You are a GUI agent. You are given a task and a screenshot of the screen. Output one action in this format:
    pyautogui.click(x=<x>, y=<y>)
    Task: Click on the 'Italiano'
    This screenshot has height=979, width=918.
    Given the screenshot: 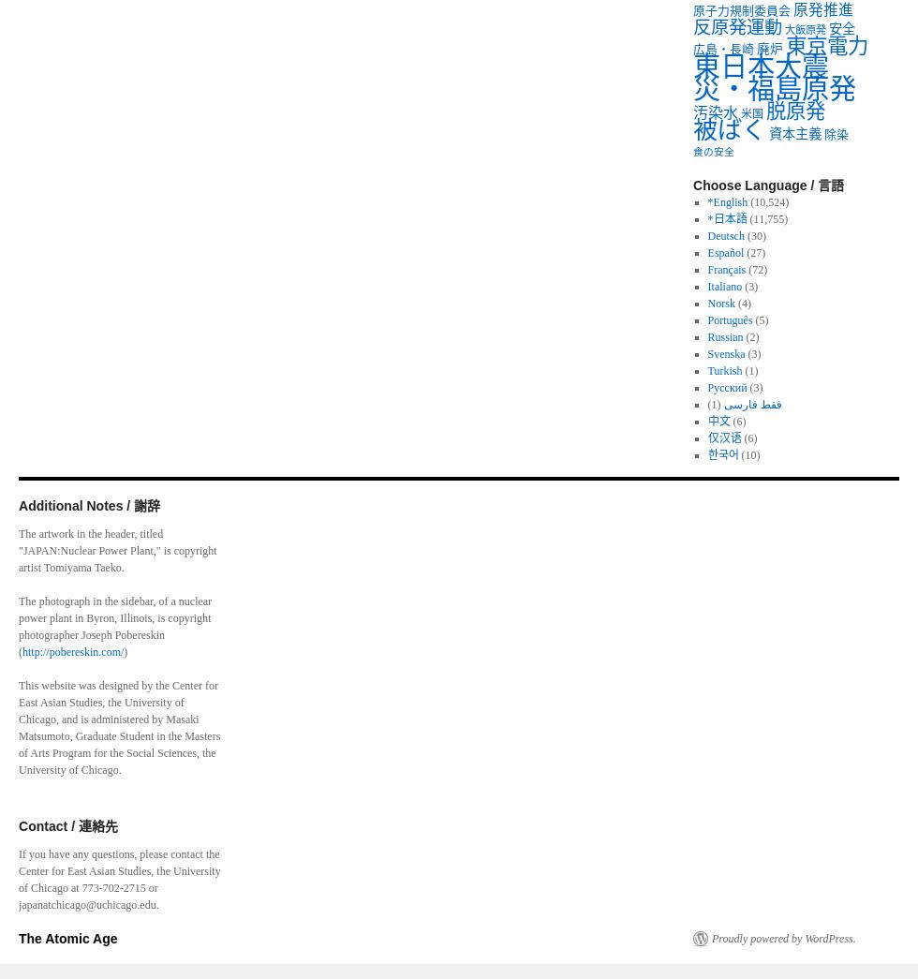 What is the action you would take?
    pyautogui.click(x=724, y=286)
    